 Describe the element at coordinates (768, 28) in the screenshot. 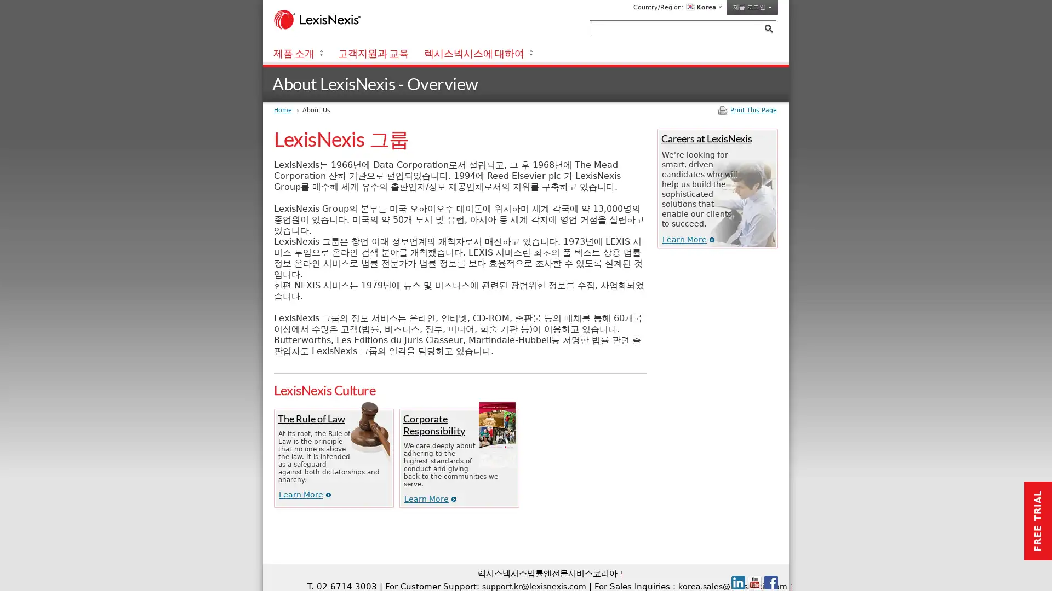

I see `Search` at that location.